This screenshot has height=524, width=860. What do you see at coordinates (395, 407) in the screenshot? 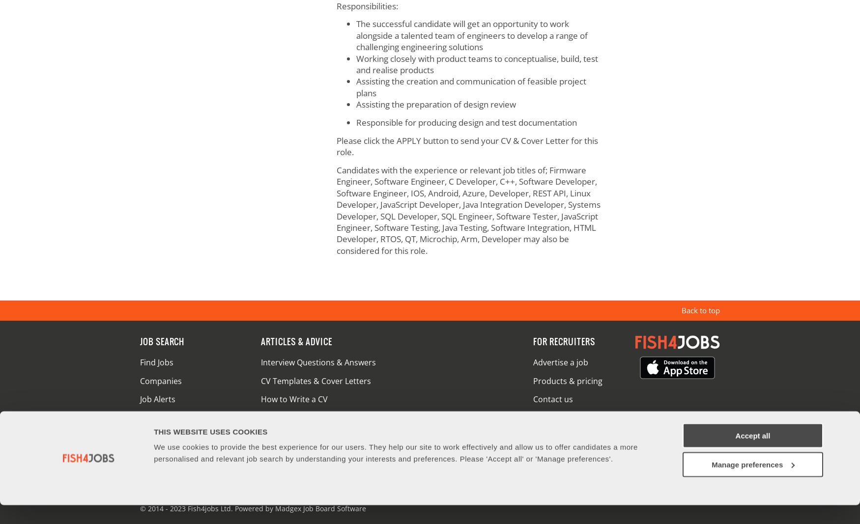
I see `'We use cookies to provide the best experience for our users. They help our site to work effectively and allow us to offer candidates a more personalised and relevant job search by understanding your interests and preferences. Please 'Accept all' or 'Manage preferences'.'` at bounding box center [395, 407].